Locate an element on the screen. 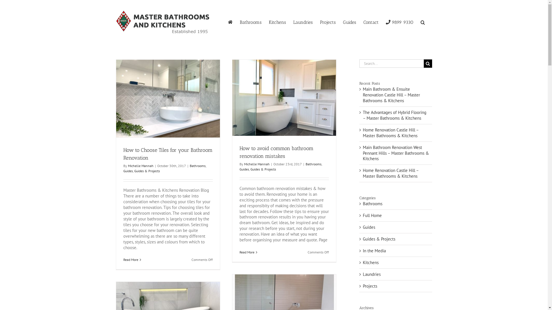 This screenshot has height=310, width=552. '9899 9330' is located at coordinates (399, 22).